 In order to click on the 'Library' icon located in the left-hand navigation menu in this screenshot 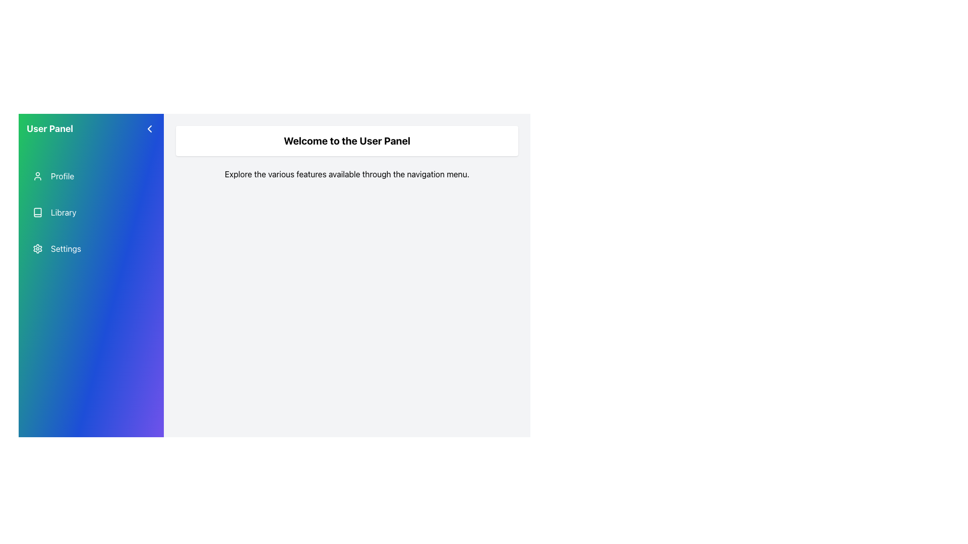, I will do `click(38, 212)`.